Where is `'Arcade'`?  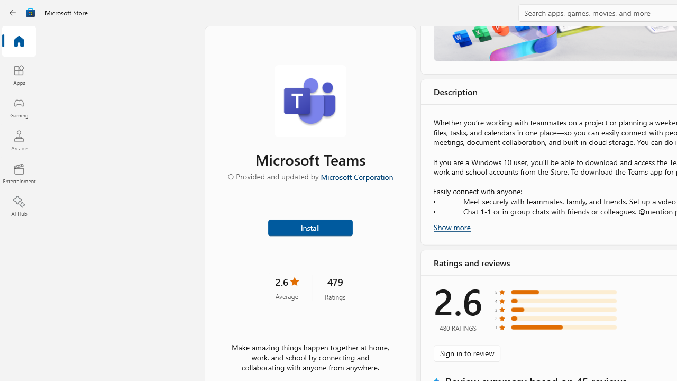 'Arcade' is located at coordinates (19, 140).